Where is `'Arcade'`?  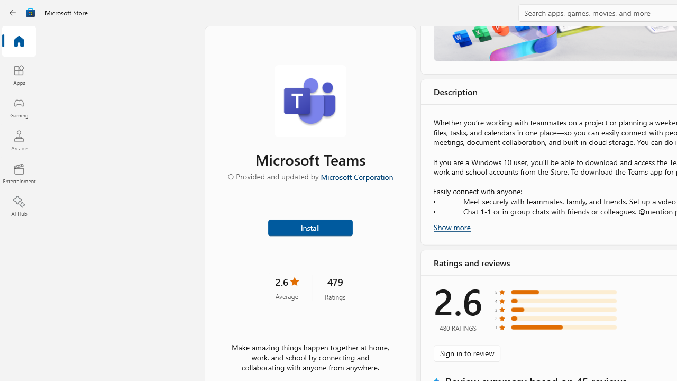 'Arcade' is located at coordinates (19, 140).